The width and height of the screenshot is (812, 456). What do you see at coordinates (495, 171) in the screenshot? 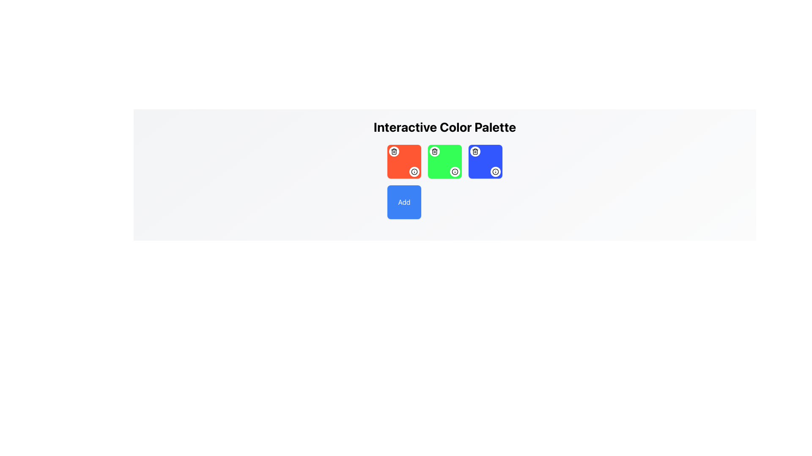
I see `the information button located in the bottom-right corner of the third blue tile to show additional details about it` at bounding box center [495, 171].